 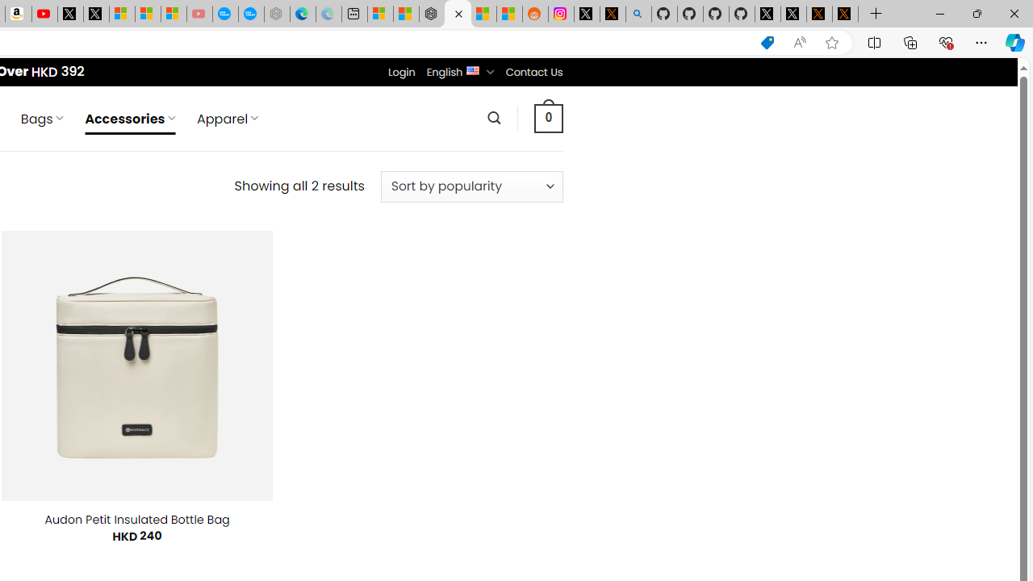 I want to click on 'Nordace - Baby Gear', so click(x=457, y=14).